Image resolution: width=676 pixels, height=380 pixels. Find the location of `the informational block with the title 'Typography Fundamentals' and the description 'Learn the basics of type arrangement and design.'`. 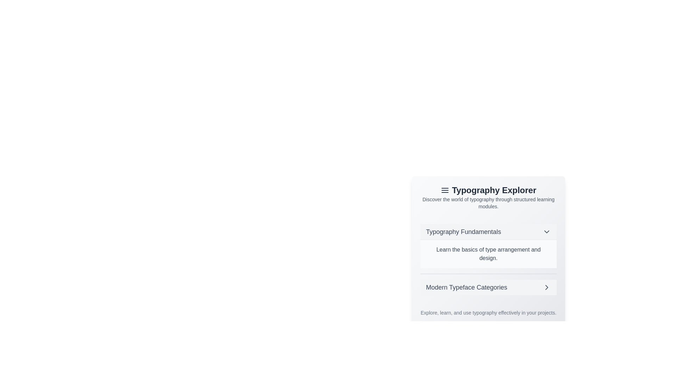

the informational block with the title 'Typography Fundamentals' and the description 'Learn the basics of type arrangement and design.' is located at coordinates (488, 246).